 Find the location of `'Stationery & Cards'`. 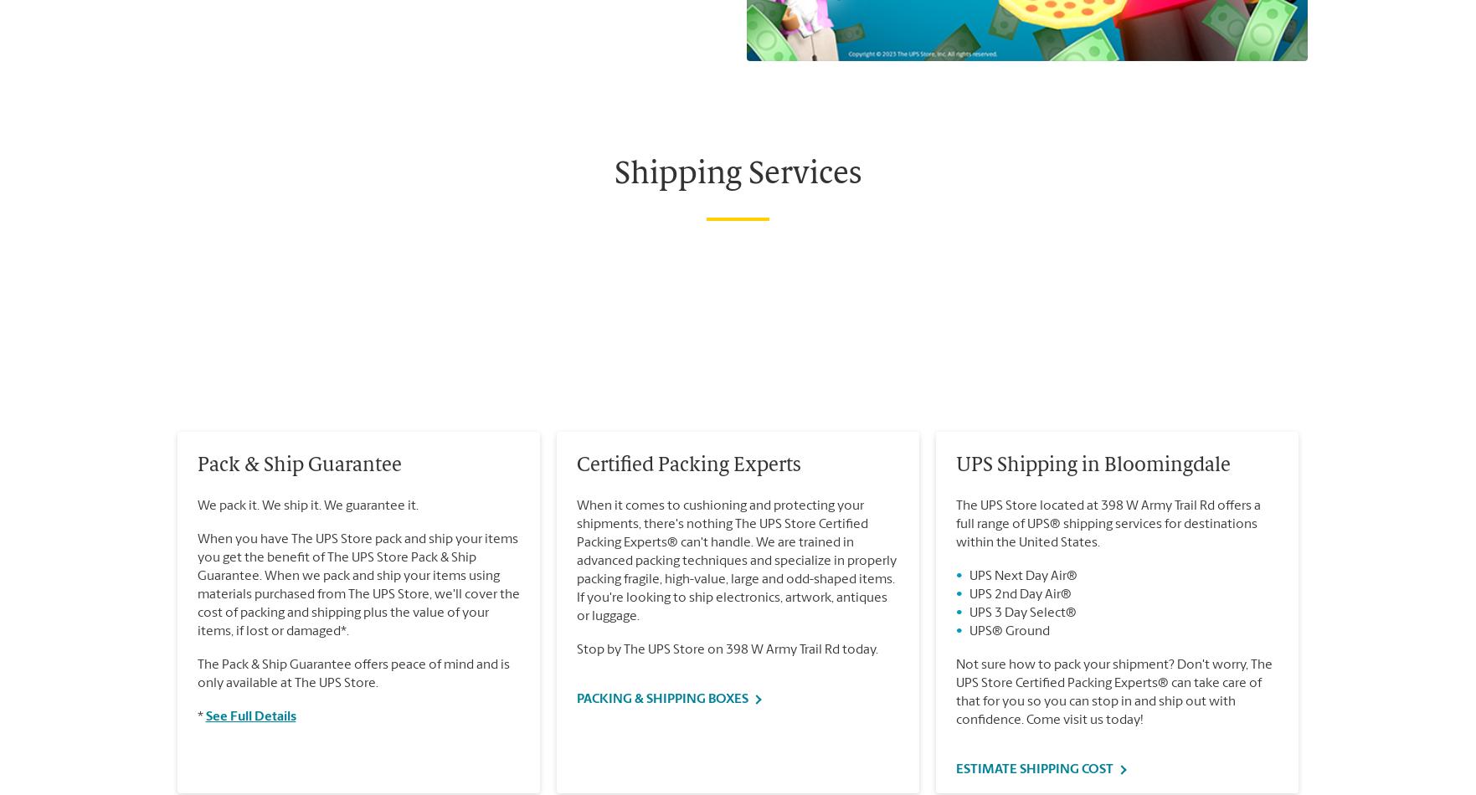

'Stationery & Cards' is located at coordinates (208, 8).